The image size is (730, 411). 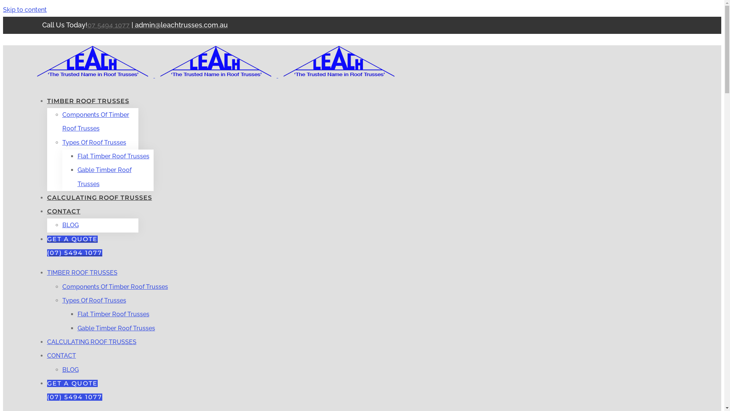 What do you see at coordinates (94, 142) in the screenshot?
I see `'Types Of Roof Trusses'` at bounding box center [94, 142].